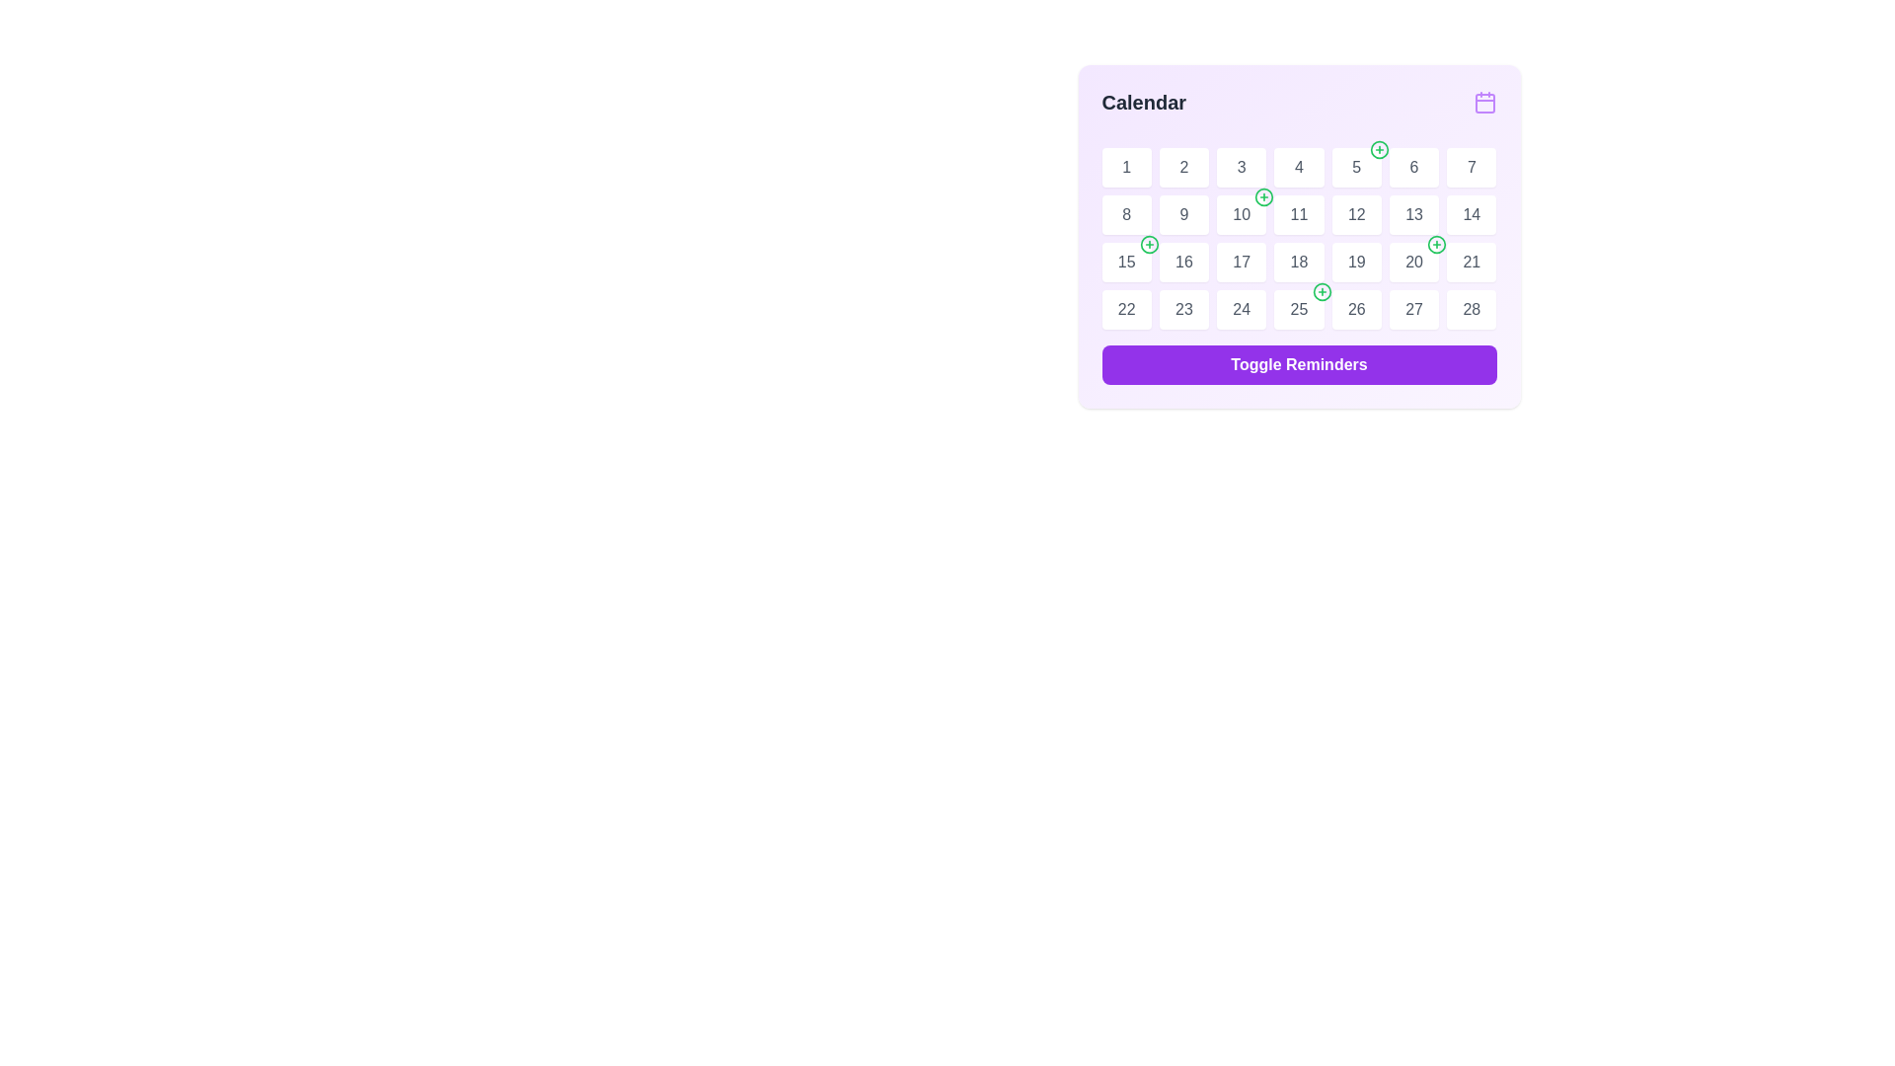  Describe the element at coordinates (1299, 262) in the screenshot. I see `the static visual indicator representing the 18th day in the calendar, located in the third row and fourth column of the grid layout` at that location.